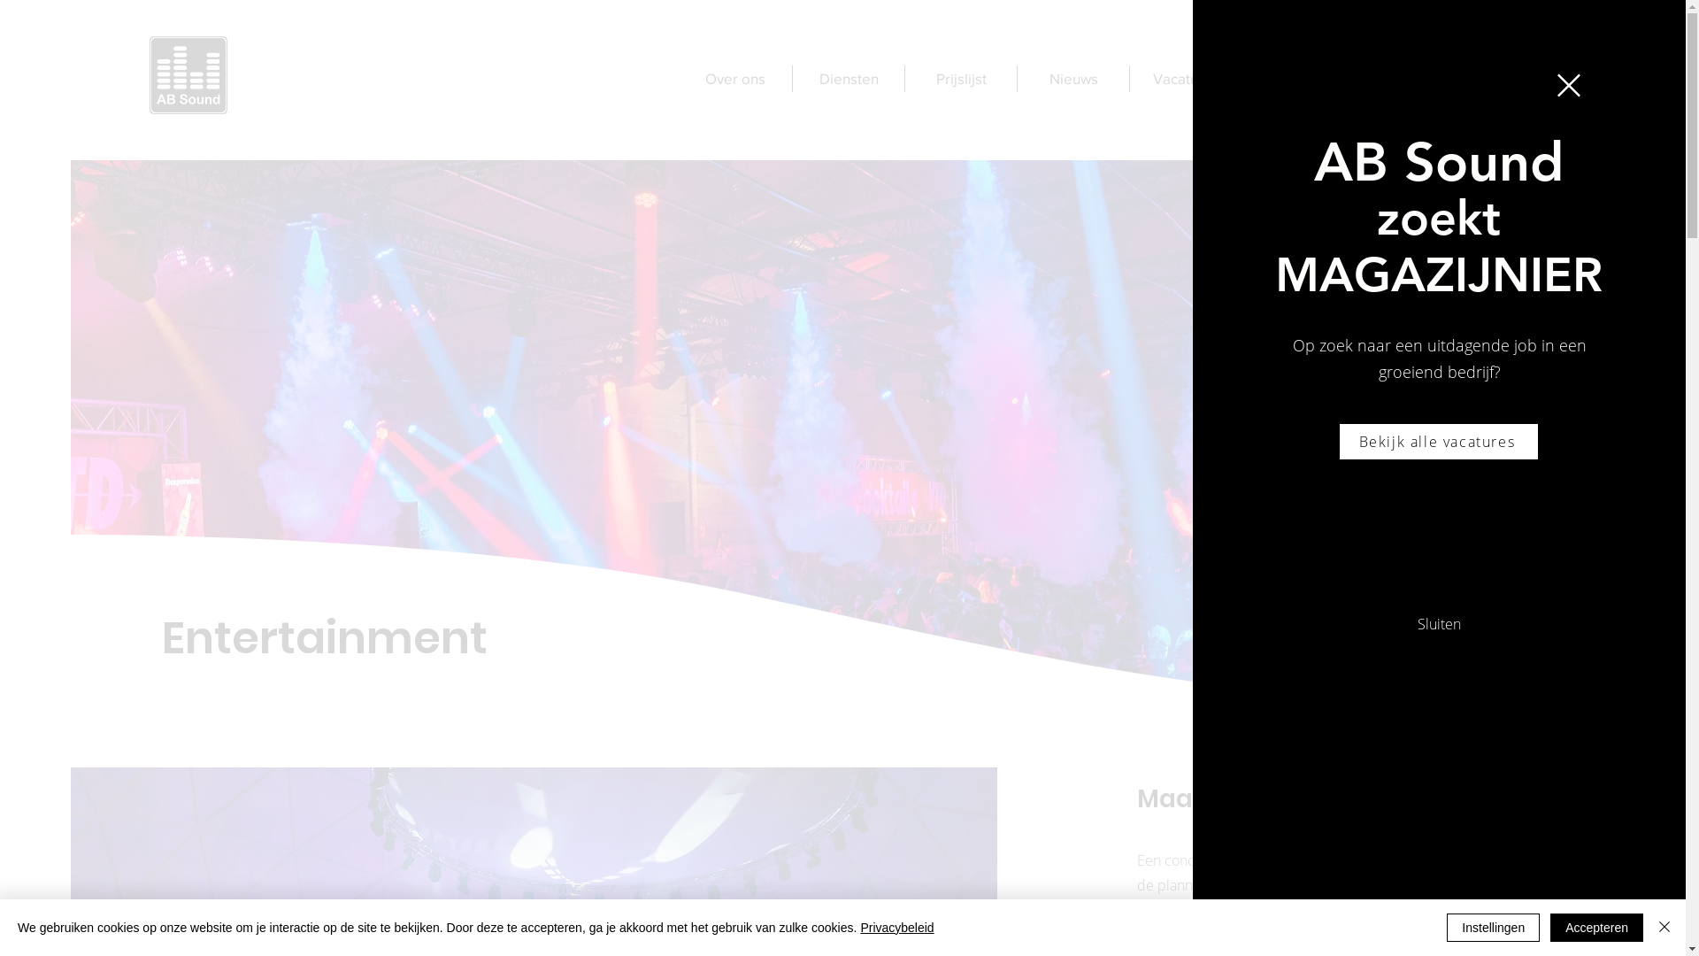 This screenshot has height=956, width=1699. I want to click on 'Nieuws', so click(1072, 77).